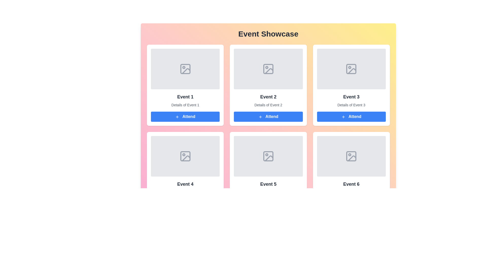 The image size is (487, 274). What do you see at coordinates (185, 69) in the screenshot?
I see `the Image Placeholder located at the top-left position within the 'Event 1' card, above the title and description` at bounding box center [185, 69].